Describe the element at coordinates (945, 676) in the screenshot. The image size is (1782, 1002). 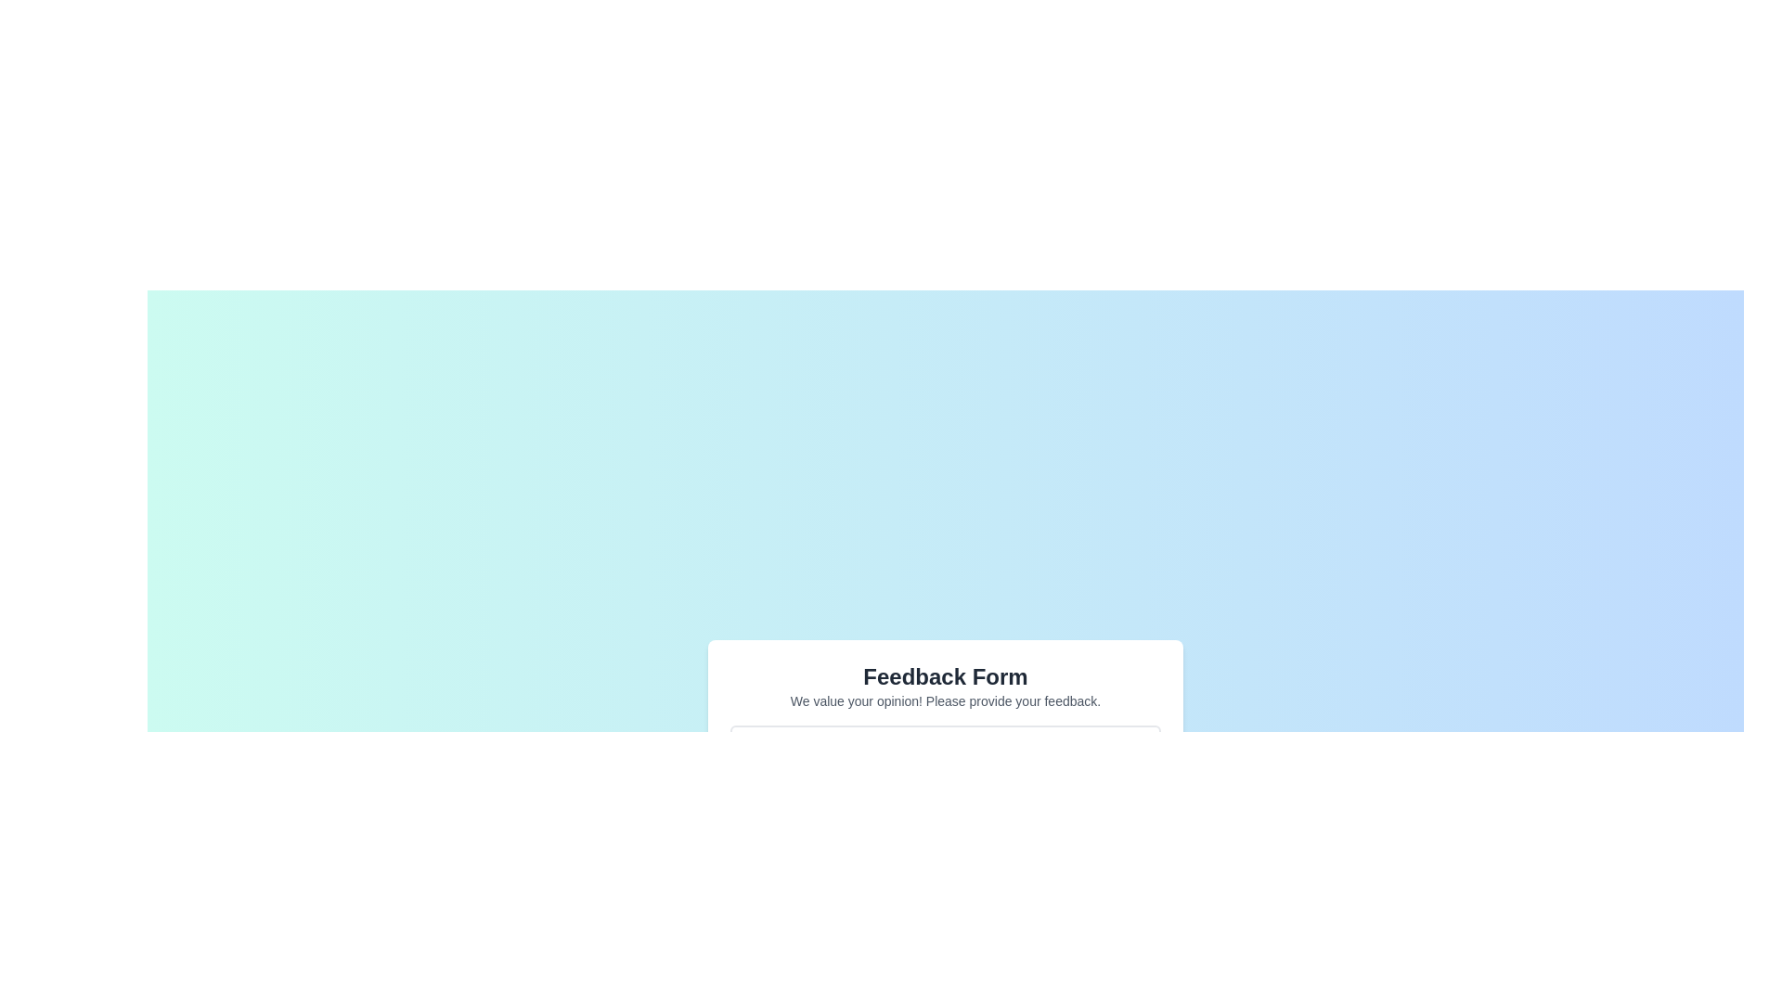
I see `Text Heading that serves as a title for the feedback section, positioned above the message 'We value your opinion! Please provide your feedback.'` at that location.